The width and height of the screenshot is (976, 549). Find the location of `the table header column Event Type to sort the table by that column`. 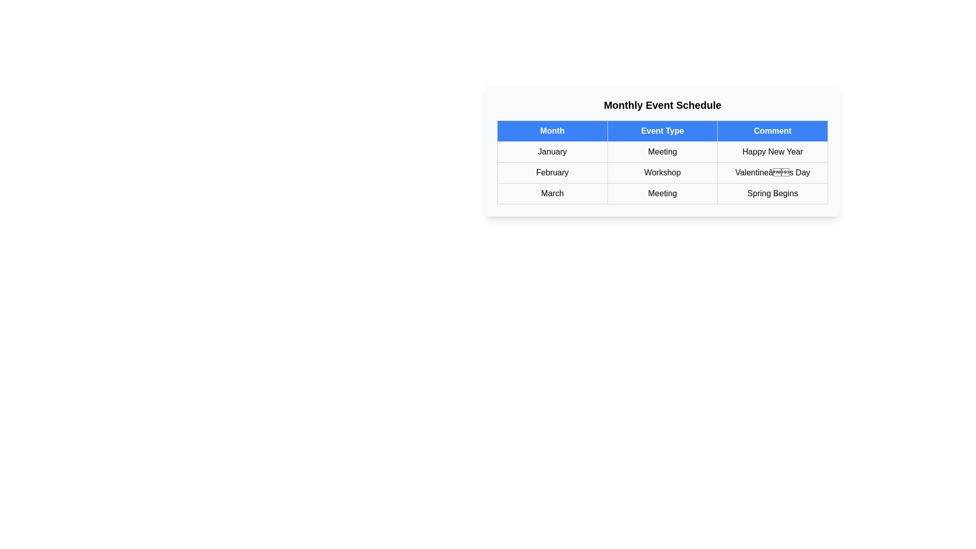

the table header column Event Type to sort the table by that column is located at coordinates (662, 131).